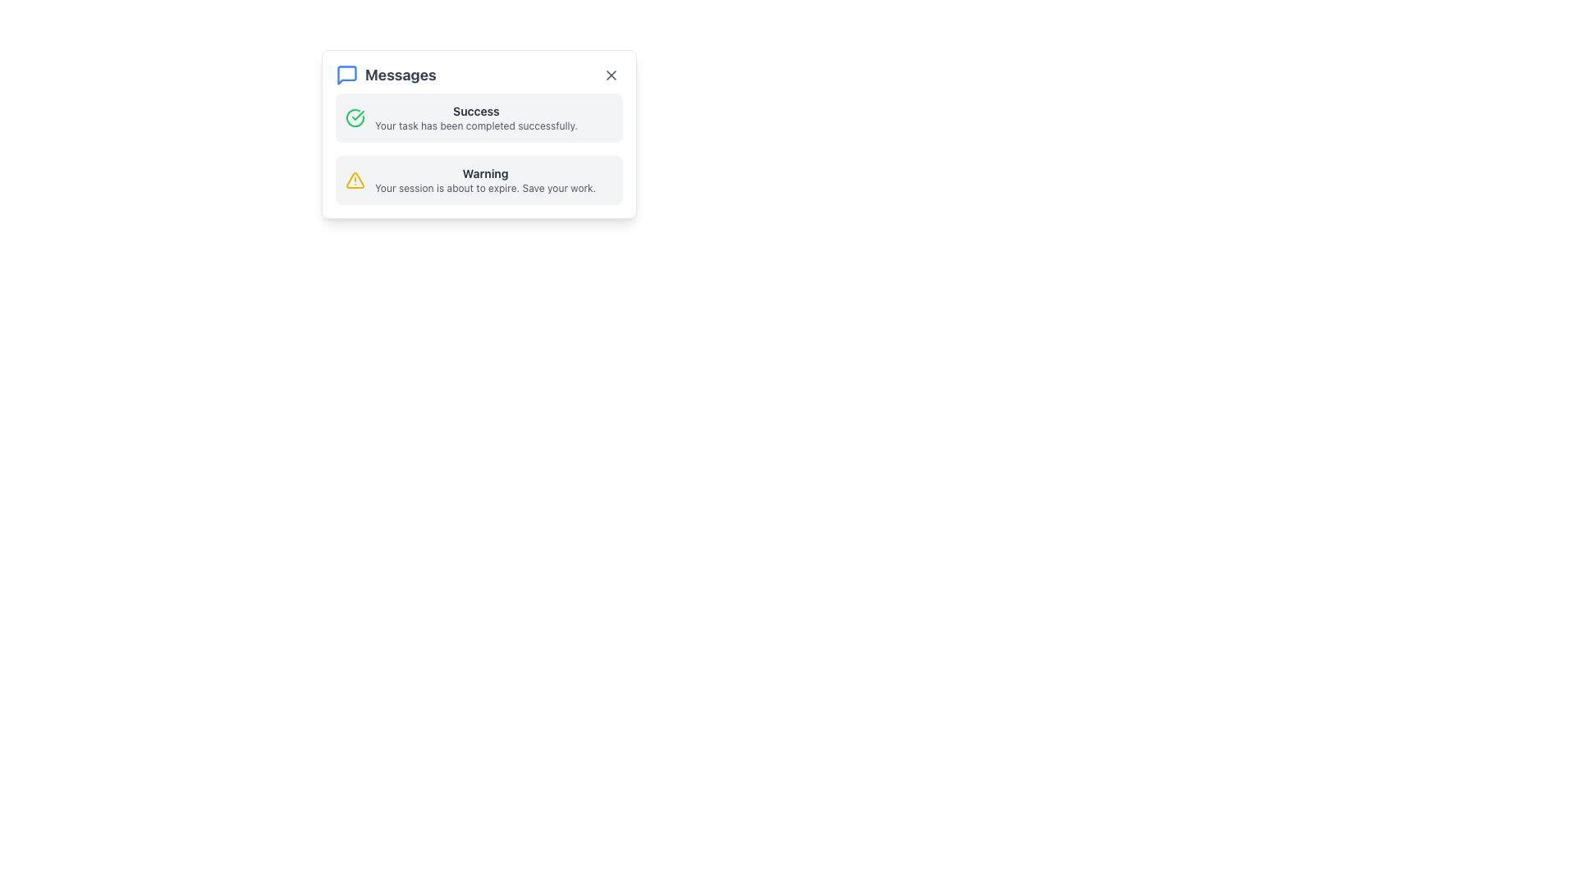 This screenshot has height=886, width=1576. I want to click on the success status icon located in the left section of the message box, which visually indicates the completion of the associated message, so click(354, 116).